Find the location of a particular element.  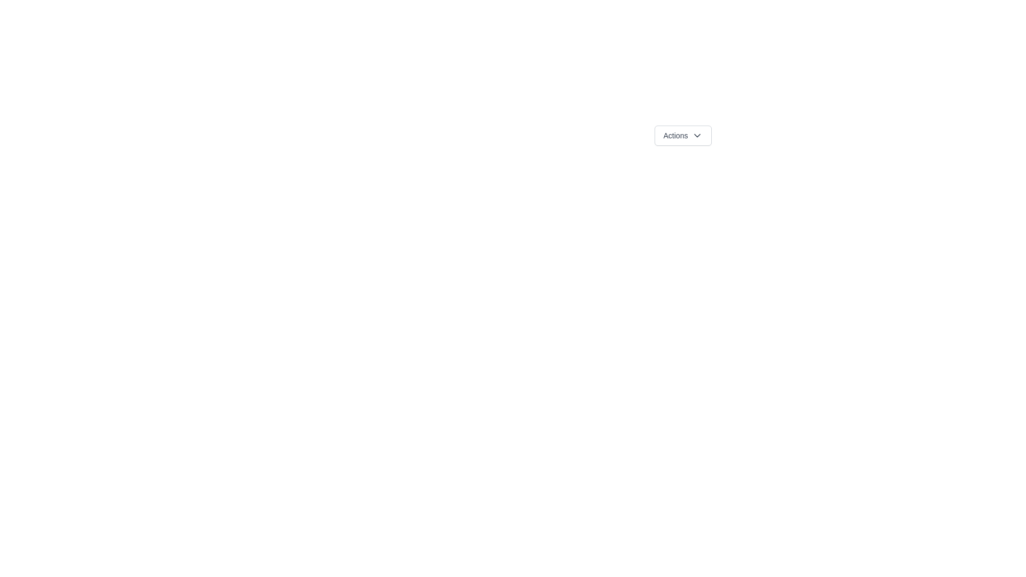

the chevron icon located at the far right end of the 'Actions' button is located at coordinates (697, 135).